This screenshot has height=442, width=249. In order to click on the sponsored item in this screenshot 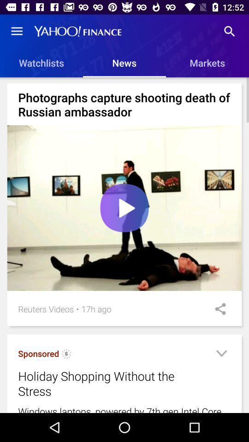, I will do `click(38, 353)`.